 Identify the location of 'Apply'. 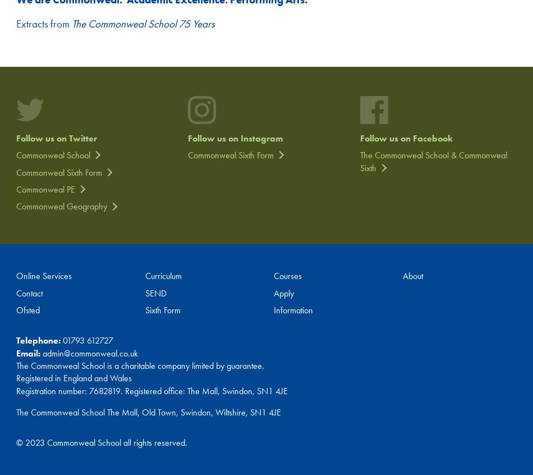
(283, 293).